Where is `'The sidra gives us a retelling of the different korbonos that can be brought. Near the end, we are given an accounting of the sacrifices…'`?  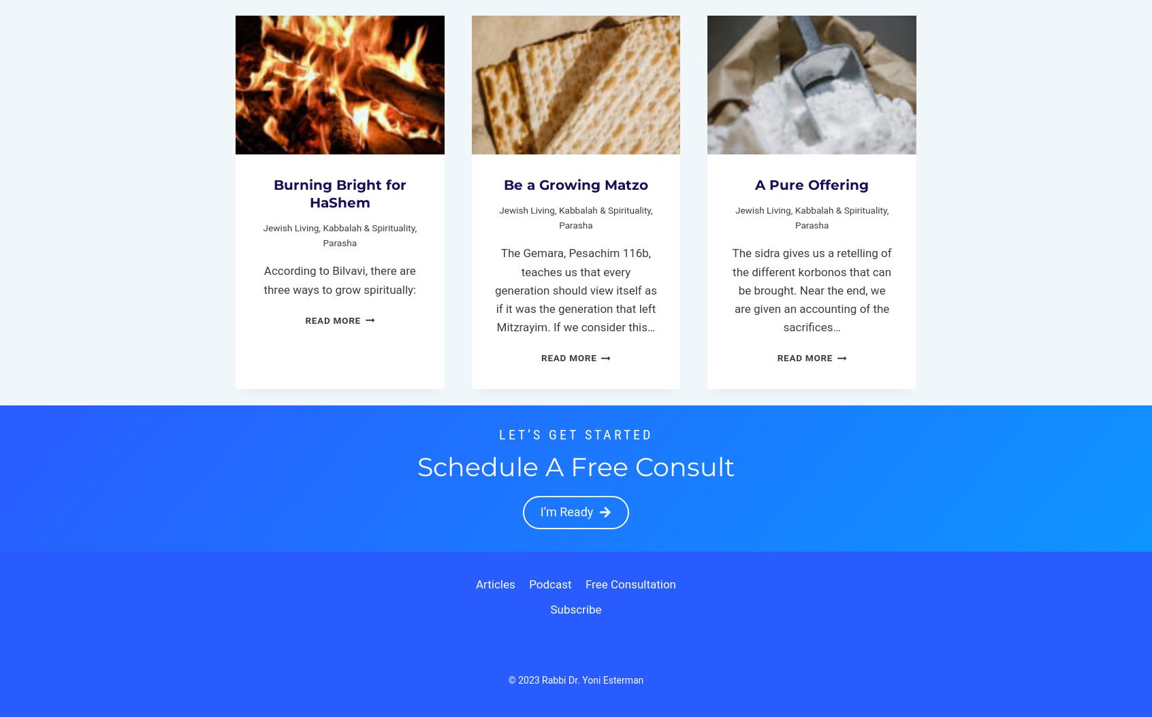
'The sidra gives us a retelling of the different korbonos that can be brought. Near the end, we are given an accounting of the sacrifices…' is located at coordinates (811, 290).